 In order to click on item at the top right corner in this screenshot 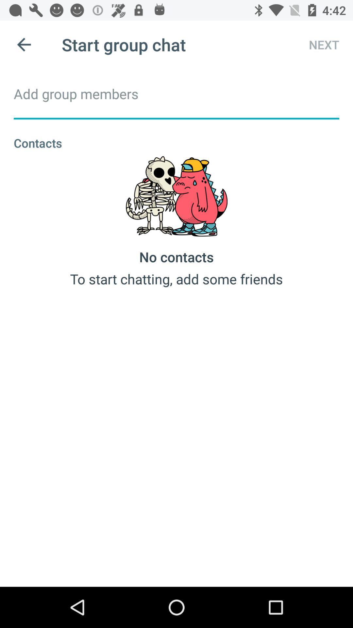, I will do `click(318, 44)`.